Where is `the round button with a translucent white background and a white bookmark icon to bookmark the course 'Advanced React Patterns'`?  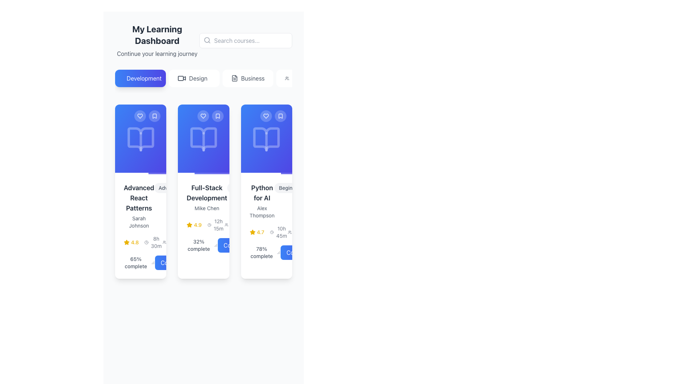
the round button with a translucent white background and a white bookmark icon to bookmark the course 'Advanced React Patterns' is located at coordinates (154, 116).